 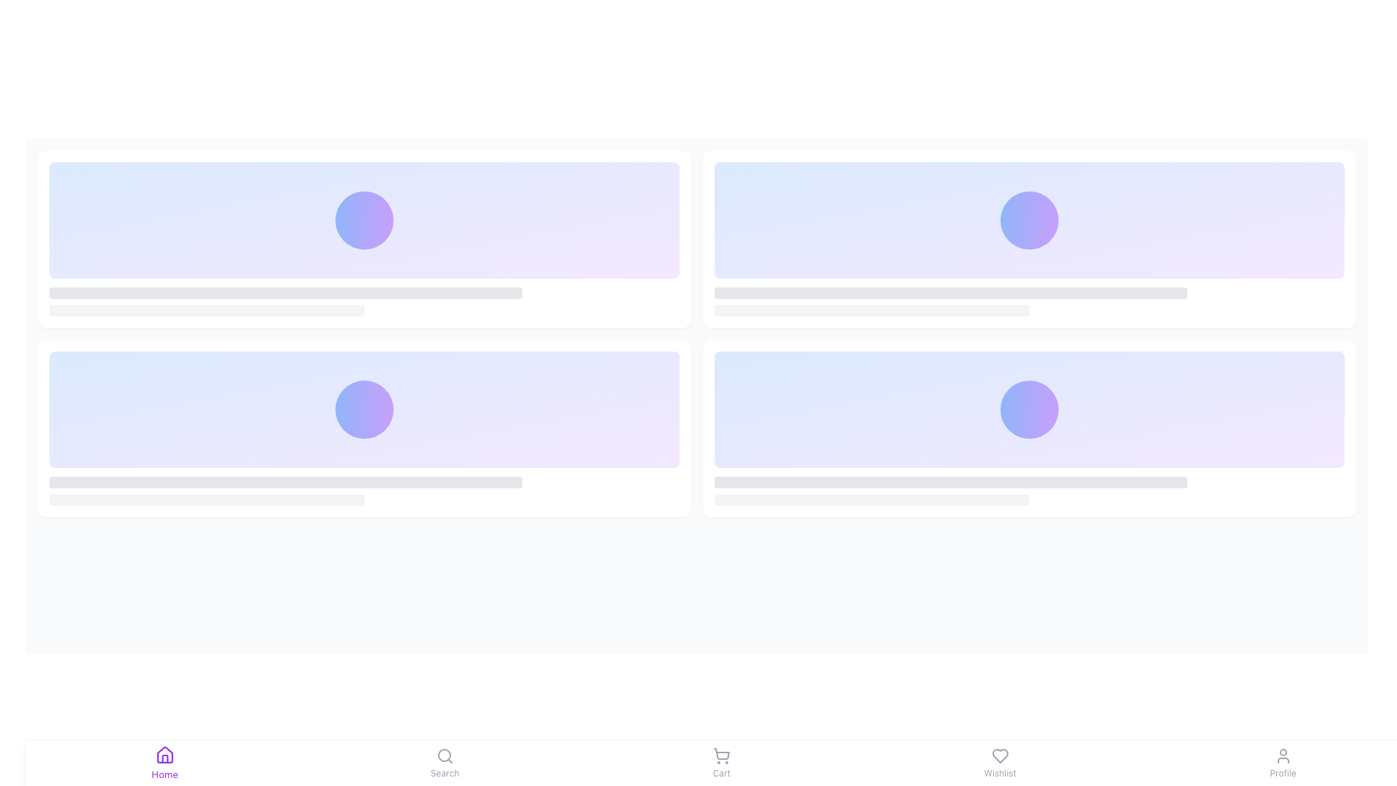 I want to click on the bottom-right card in the 2x2 grid layout, so click(x=1029, y=428).